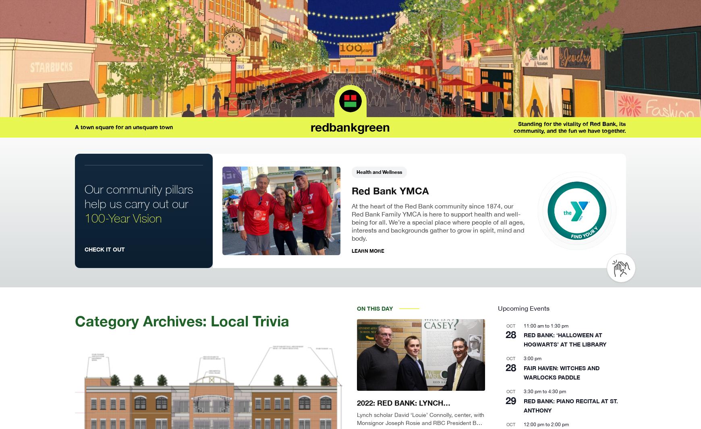 The height and width of the screenshot is (429, 701). I want to click on 'Local Trivia', so click(249, 320).